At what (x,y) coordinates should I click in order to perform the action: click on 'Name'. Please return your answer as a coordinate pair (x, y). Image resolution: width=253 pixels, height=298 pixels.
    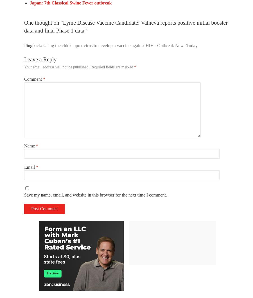
    Looking at the image, I should click on (24, 145).